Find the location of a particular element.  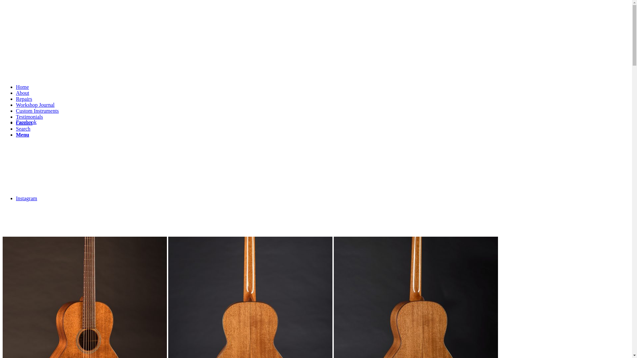

'Contact' is located at coordinates (24, 123).